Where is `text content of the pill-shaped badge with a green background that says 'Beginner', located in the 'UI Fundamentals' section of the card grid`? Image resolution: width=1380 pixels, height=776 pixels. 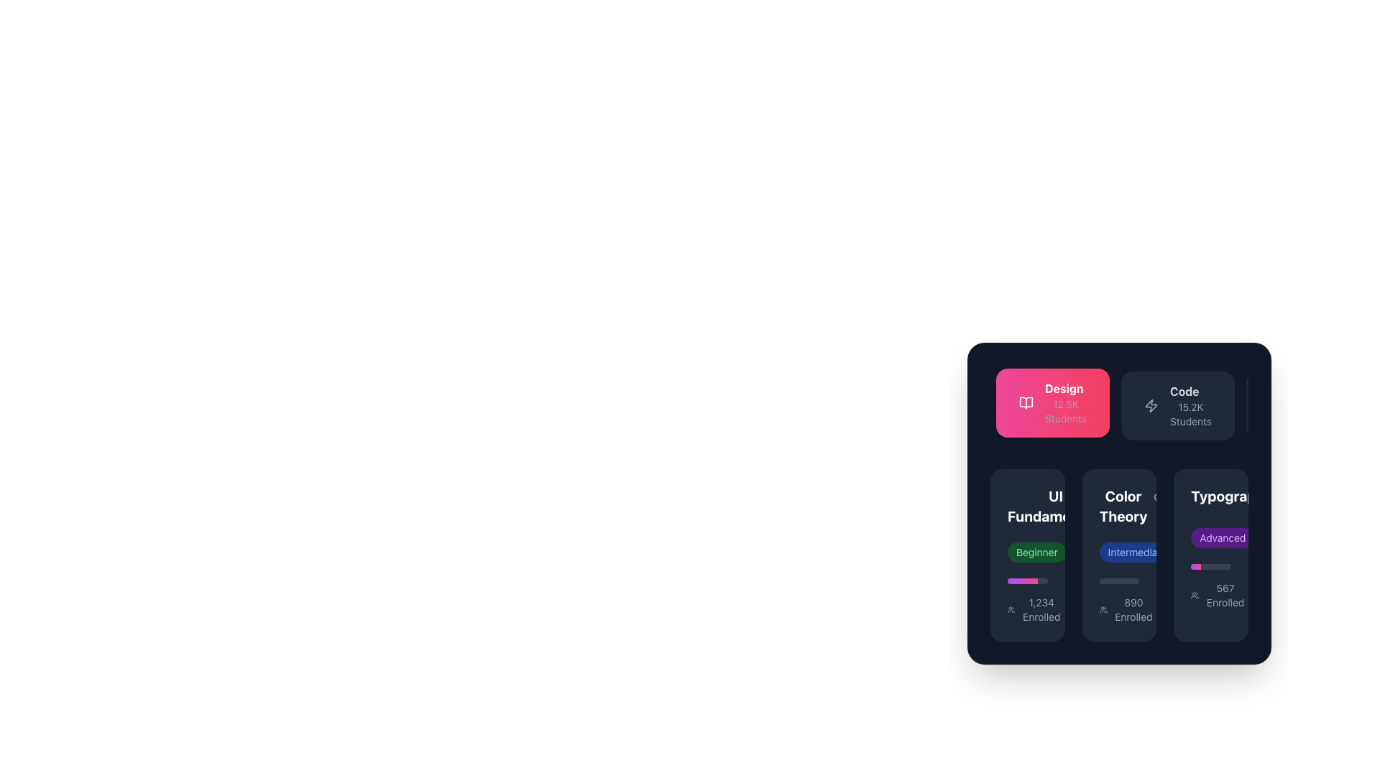
text content of the pill-shaped badge with a green background that says 'Beginner', located in the 'UI Fundamentals' section of the card grid is located at coordinates (1036, 551).